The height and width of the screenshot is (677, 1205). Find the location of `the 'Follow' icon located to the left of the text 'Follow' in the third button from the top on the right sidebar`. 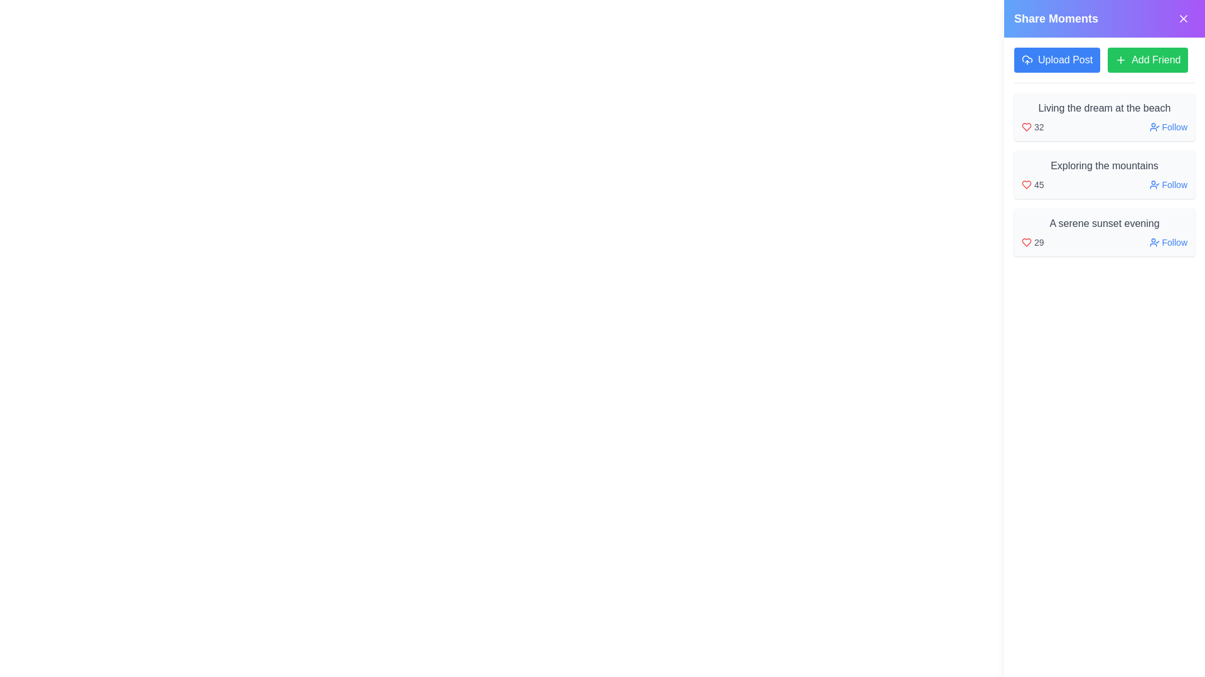

the 'Follow' icon located to the left of the text 'Follow' in the third button from the top on the right sidebar is located at coordinates (1154, 242).